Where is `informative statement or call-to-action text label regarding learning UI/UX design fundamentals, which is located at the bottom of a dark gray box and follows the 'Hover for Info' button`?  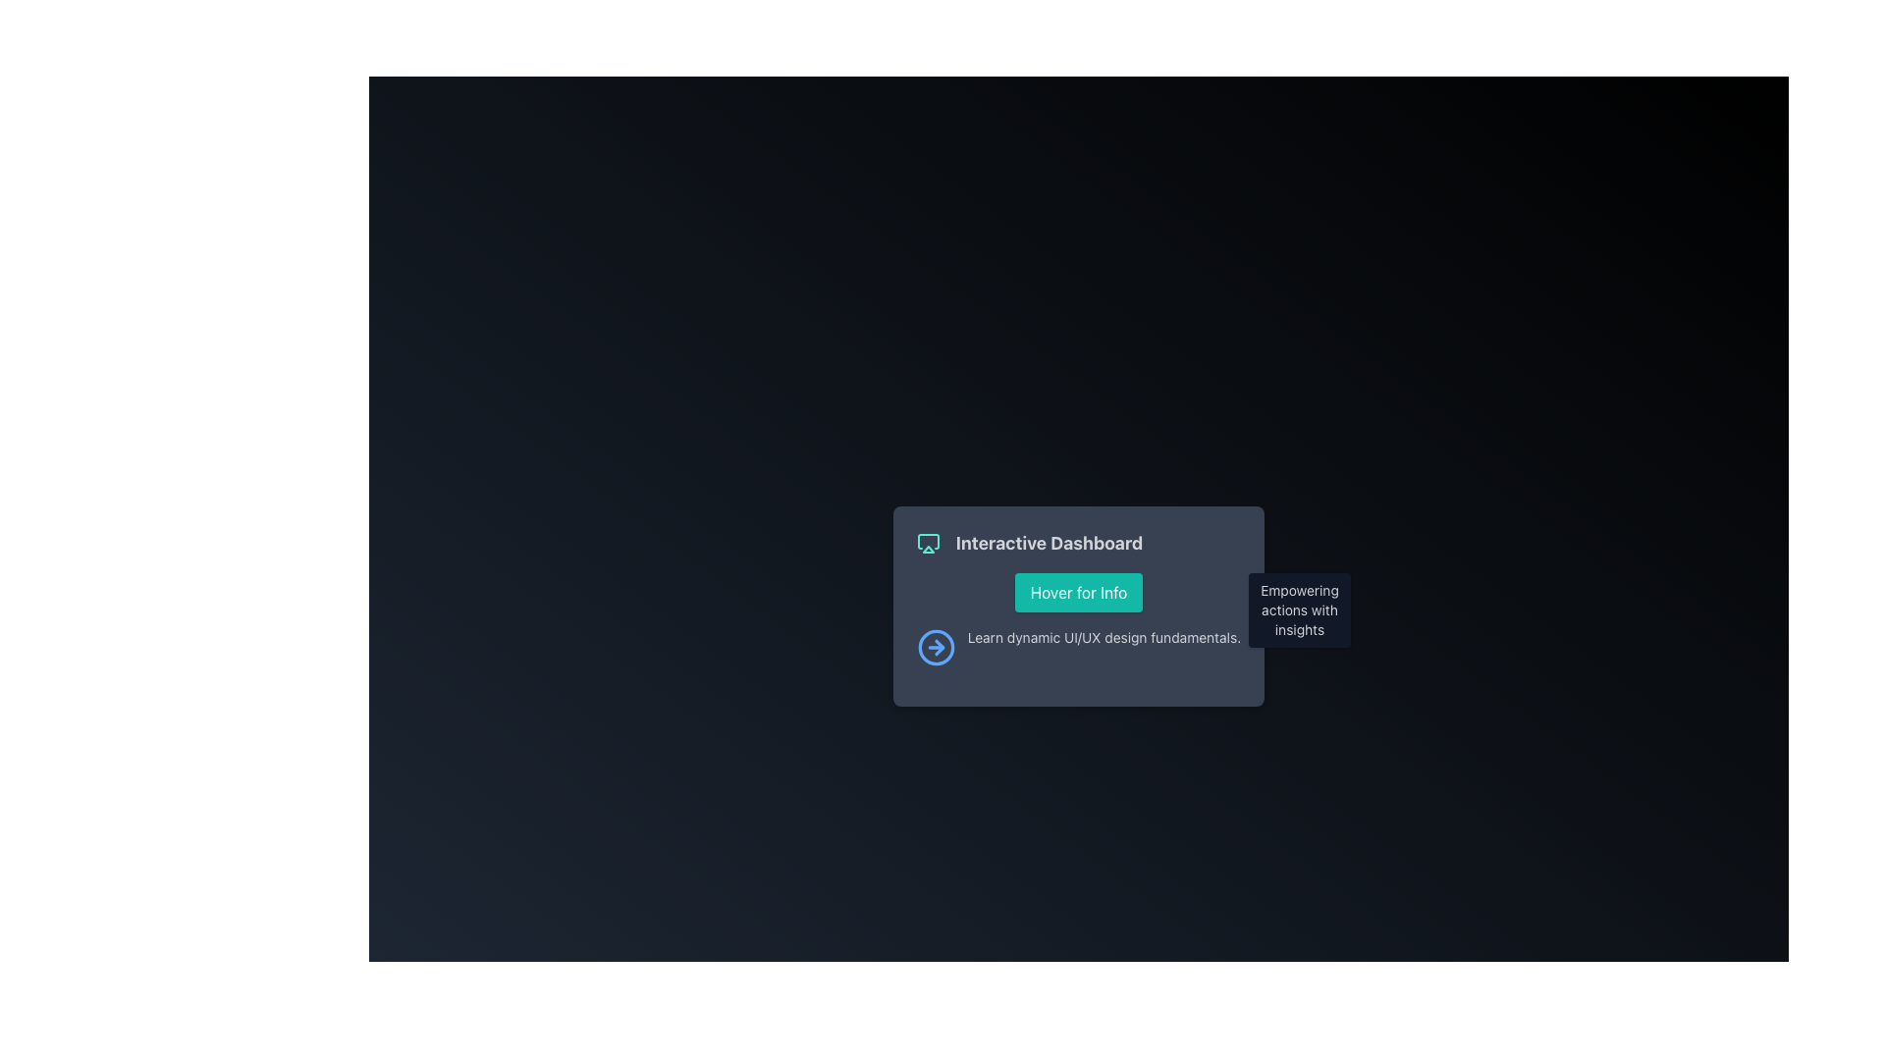 informative statement or call-to-action text label regarding learning UI/UX design fundamentals, which is located at the bottom of a dark gray box and follows the 'Hover for Info' button is located at coordinates (1078, 647).